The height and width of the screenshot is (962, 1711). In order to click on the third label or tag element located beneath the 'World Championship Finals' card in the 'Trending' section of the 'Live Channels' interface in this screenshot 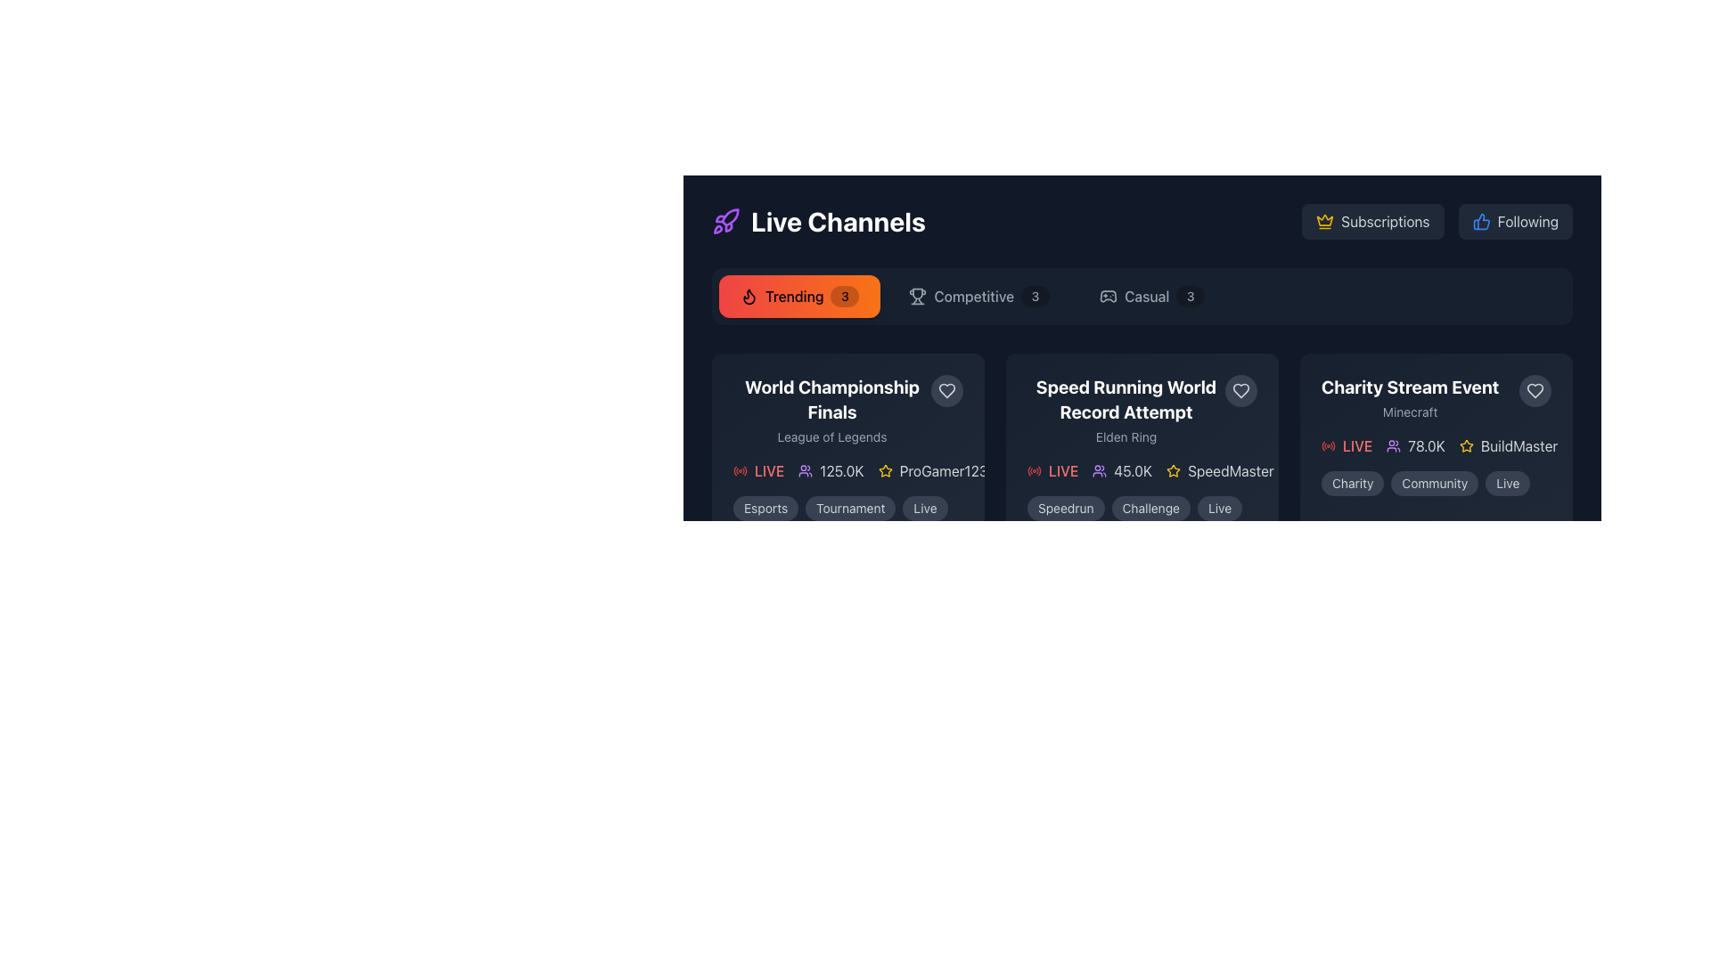, I will do `click(925, 508)`.